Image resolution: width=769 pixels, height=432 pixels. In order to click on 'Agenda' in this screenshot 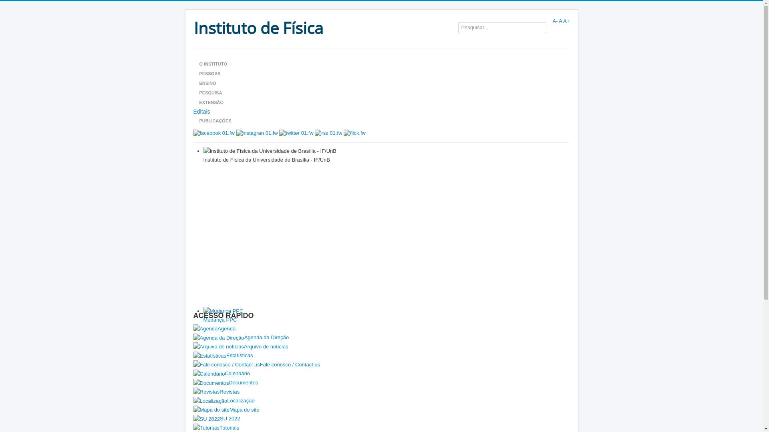, I will do `click(193, 329)`.